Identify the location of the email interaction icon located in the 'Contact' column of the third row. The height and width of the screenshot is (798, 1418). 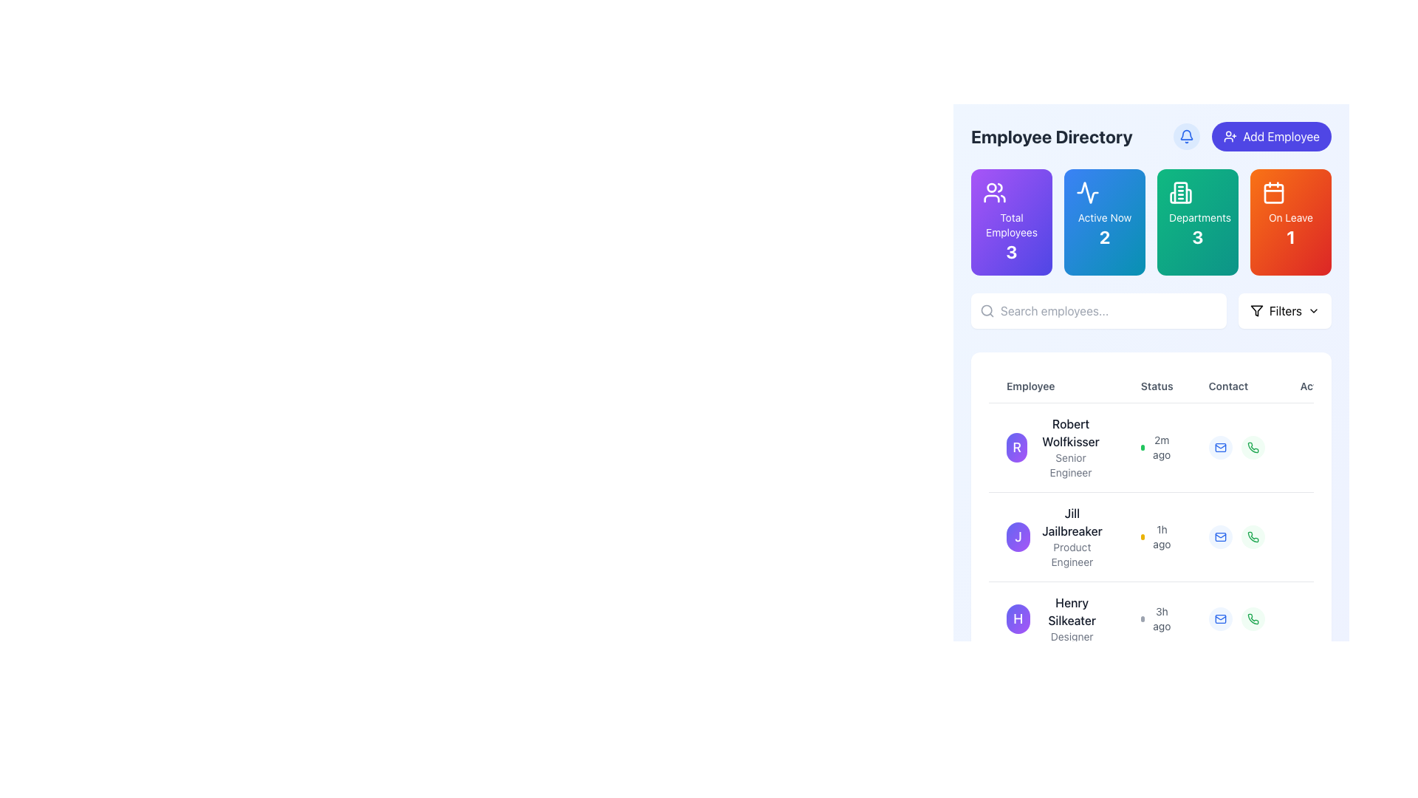
(1219, 618).